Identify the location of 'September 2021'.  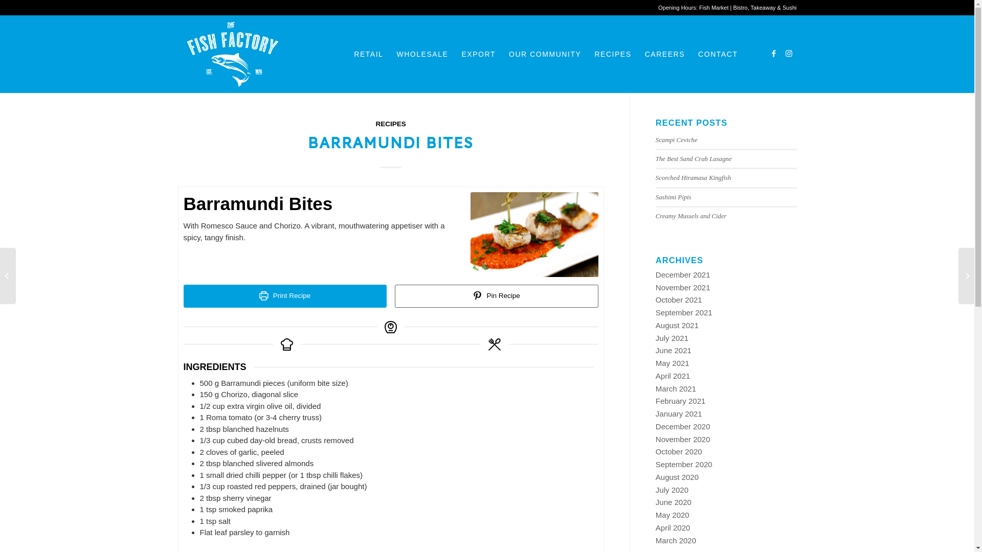
(684, 312).